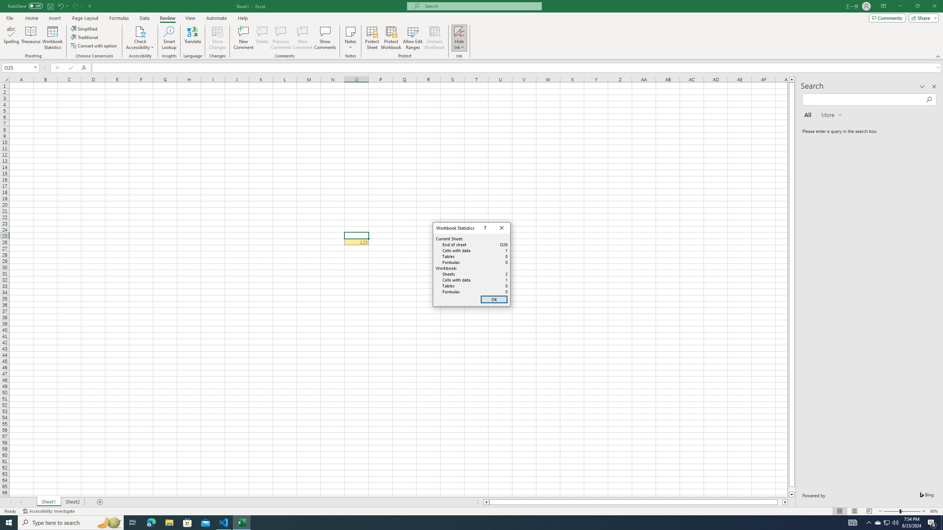 The height and width of the screenshot is (530, 943). I want to click on 'OK', so click(494, 299).